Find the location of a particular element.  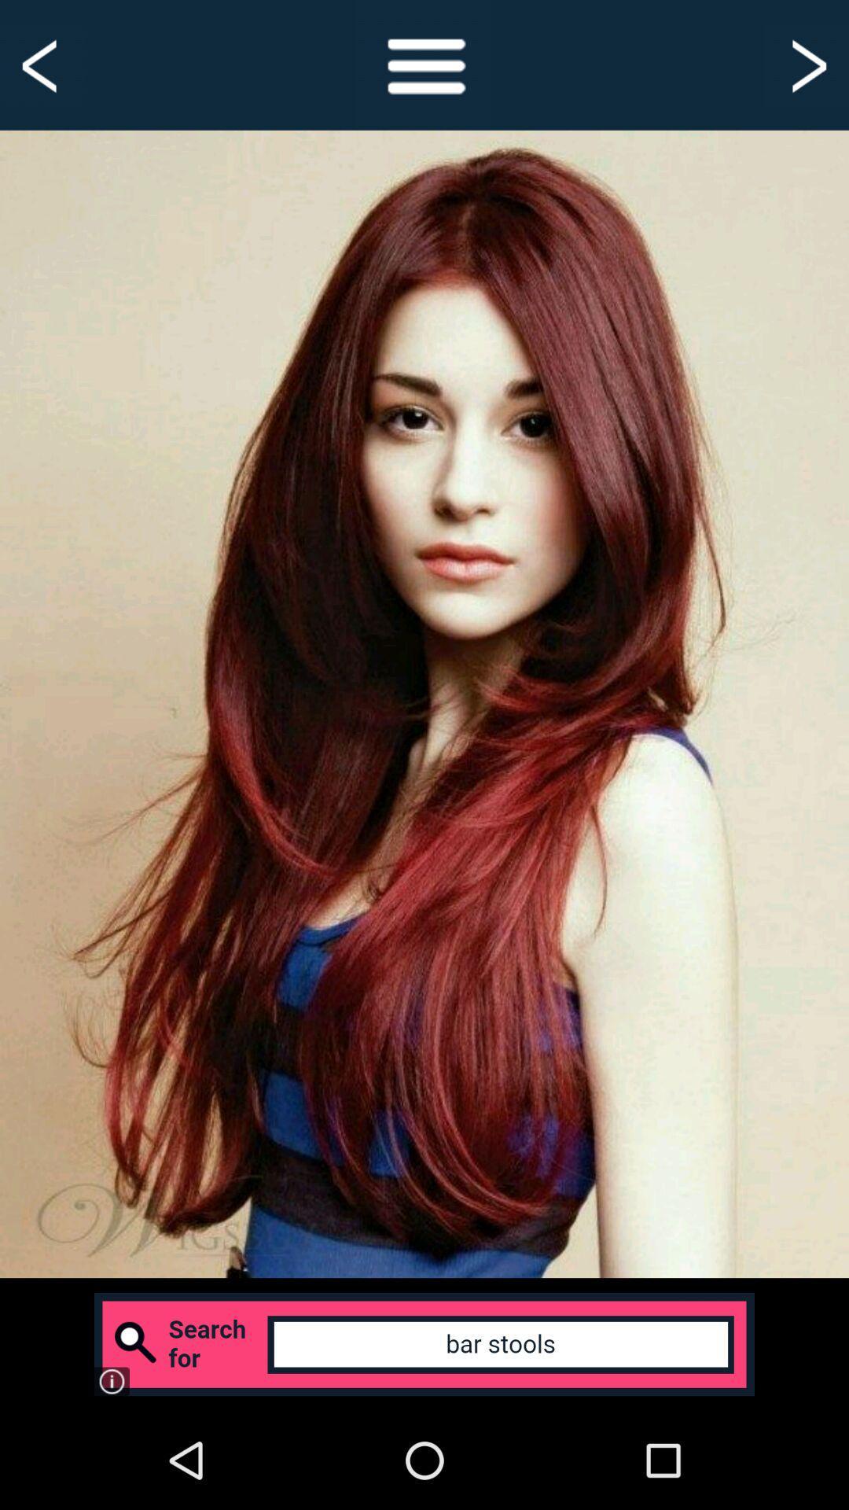

see more photos is located at coordinates (807, 64).